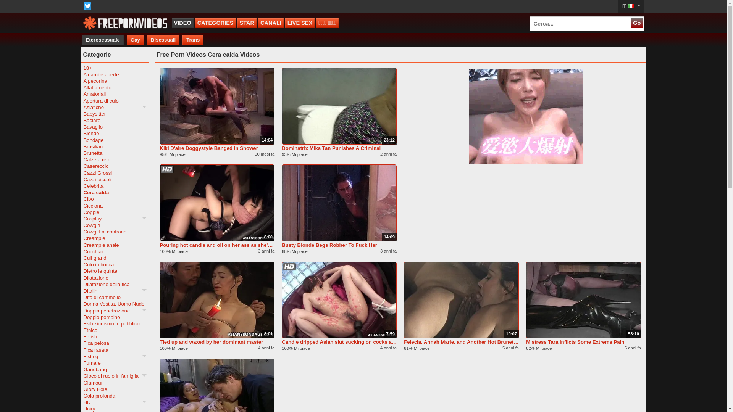 The width and height of the screenshot is (733, 412). What do you see at coordinates (339, 148) in the screenshot?
I see `'Dominatrix Mika Tan Punishes A Criminal'` at bounding box center [339, 148].